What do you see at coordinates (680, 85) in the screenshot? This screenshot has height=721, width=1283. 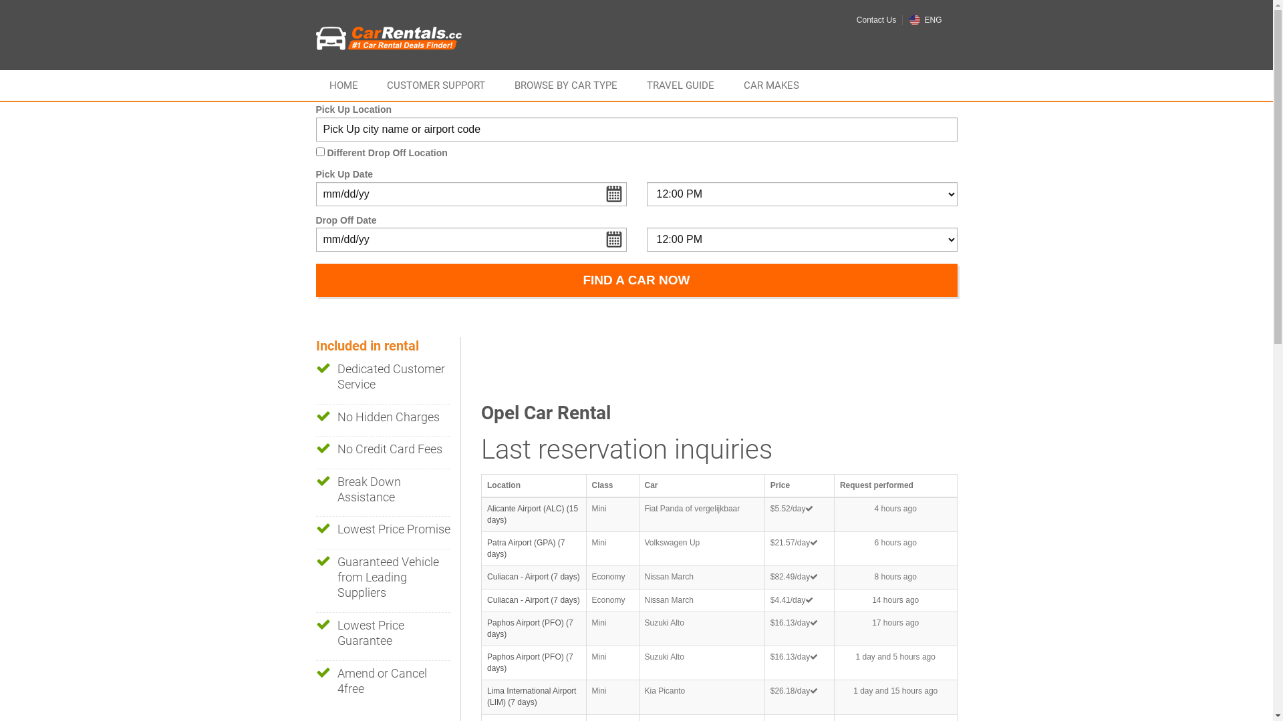 I see `'TRAVEL GUIDE'` at bounding box center [680, 85].